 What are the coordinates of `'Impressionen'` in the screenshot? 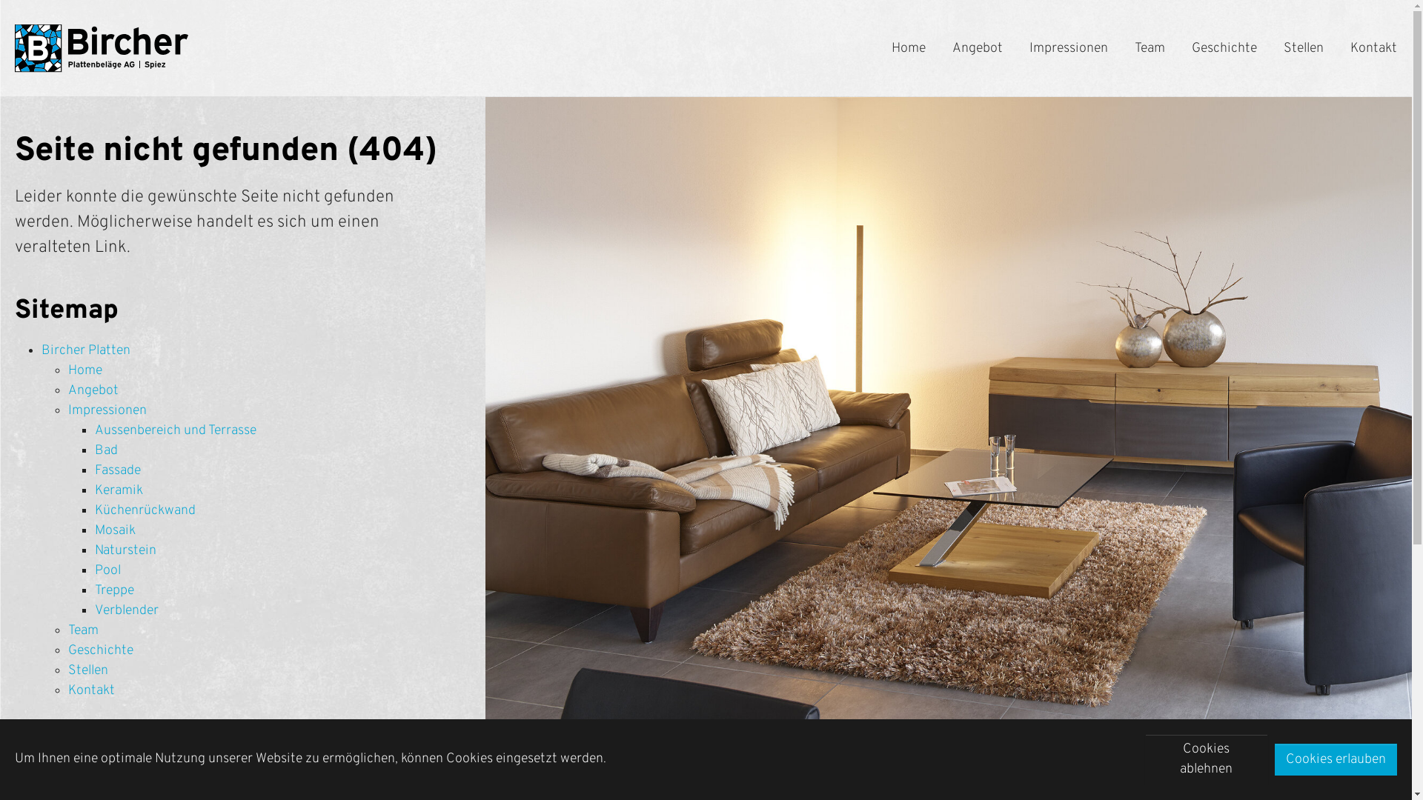 It's located at (67, 410).